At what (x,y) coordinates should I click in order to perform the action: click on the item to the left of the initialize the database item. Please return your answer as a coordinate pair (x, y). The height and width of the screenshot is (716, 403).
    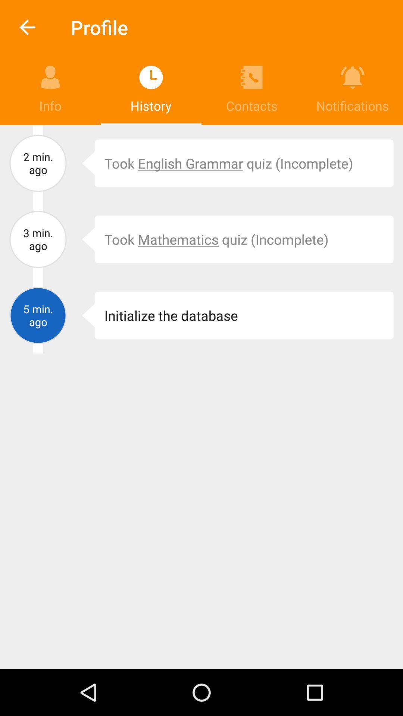
    Looking at the image, I should click on (83, 315).